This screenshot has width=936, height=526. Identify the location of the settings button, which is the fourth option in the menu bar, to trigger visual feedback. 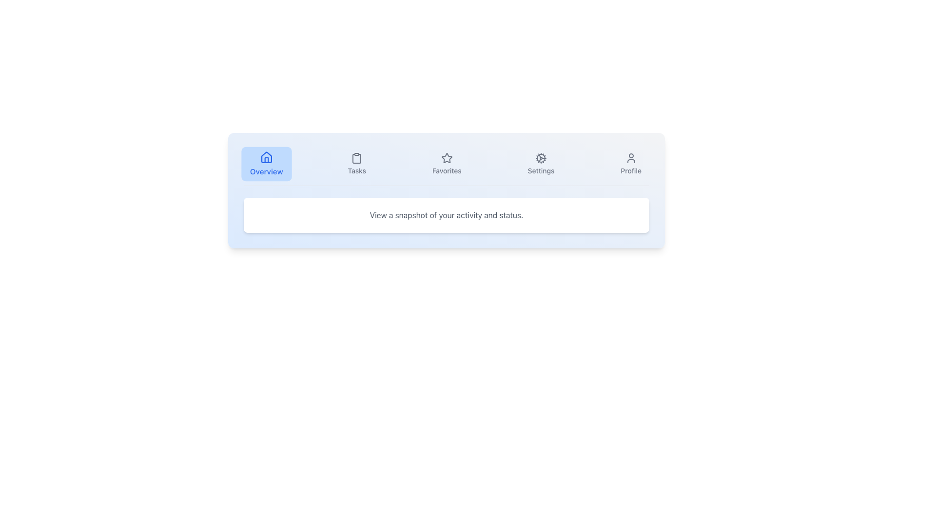
(541, 163).